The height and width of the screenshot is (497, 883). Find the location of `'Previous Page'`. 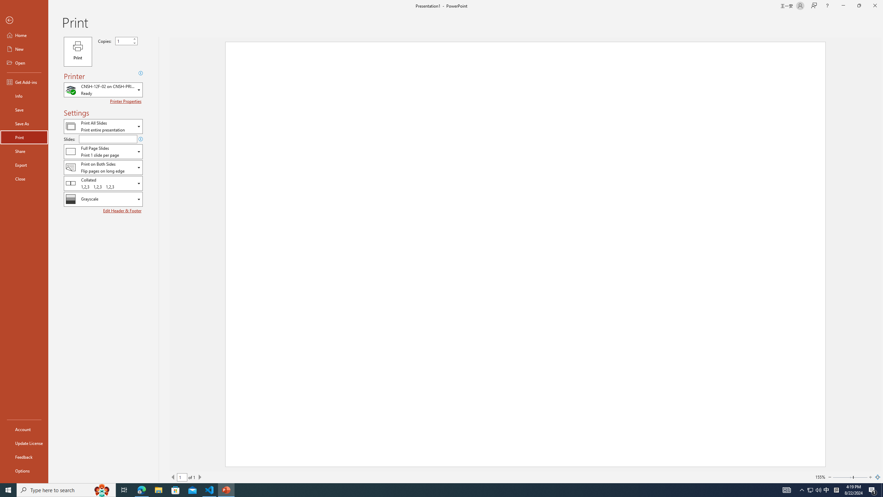

'Previous Page' is located at coordinates (173, 477).